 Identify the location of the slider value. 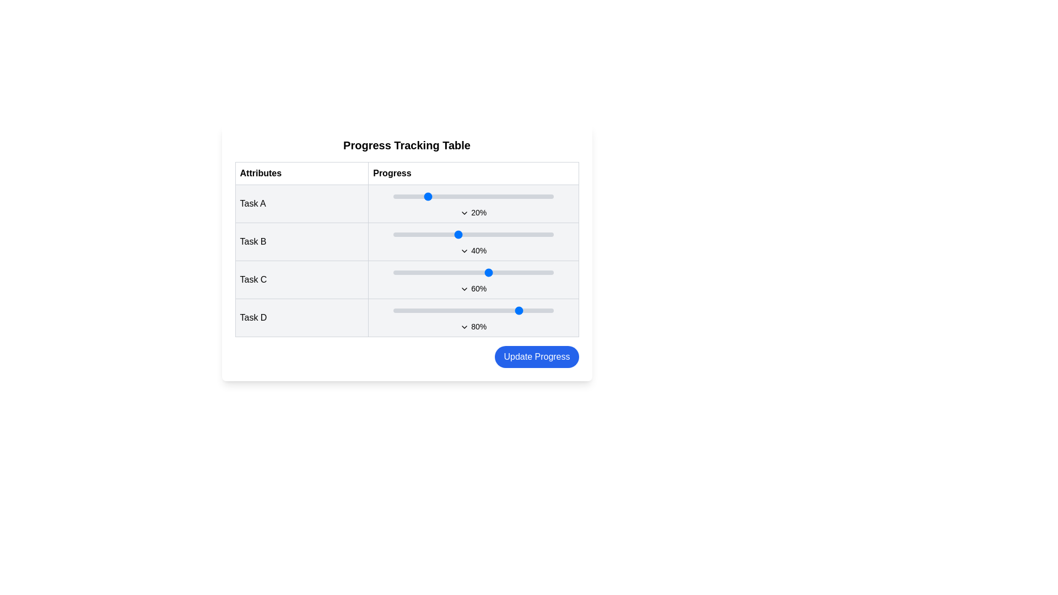
(421, 196).